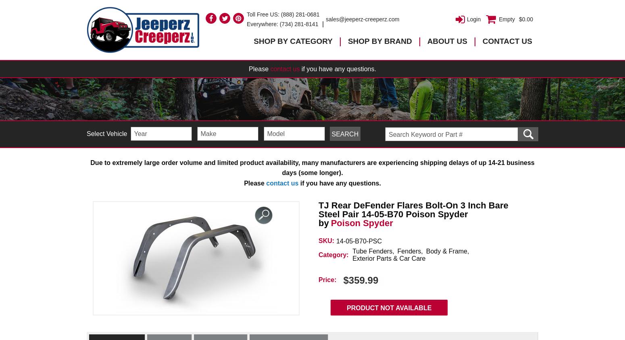 This screenshot has height=340, width=625. Describe the element at coordinates (409, 251) in the screenshot. I see `'Fenders'` at that location.